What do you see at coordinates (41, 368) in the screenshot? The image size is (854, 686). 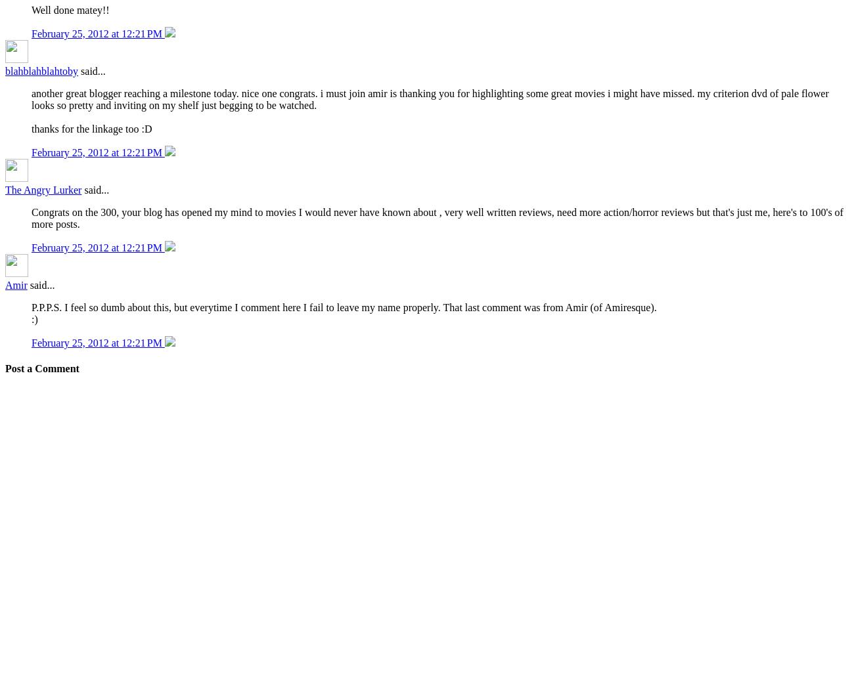 I see `'Post a Comment'` at bounding box center [41, 368].